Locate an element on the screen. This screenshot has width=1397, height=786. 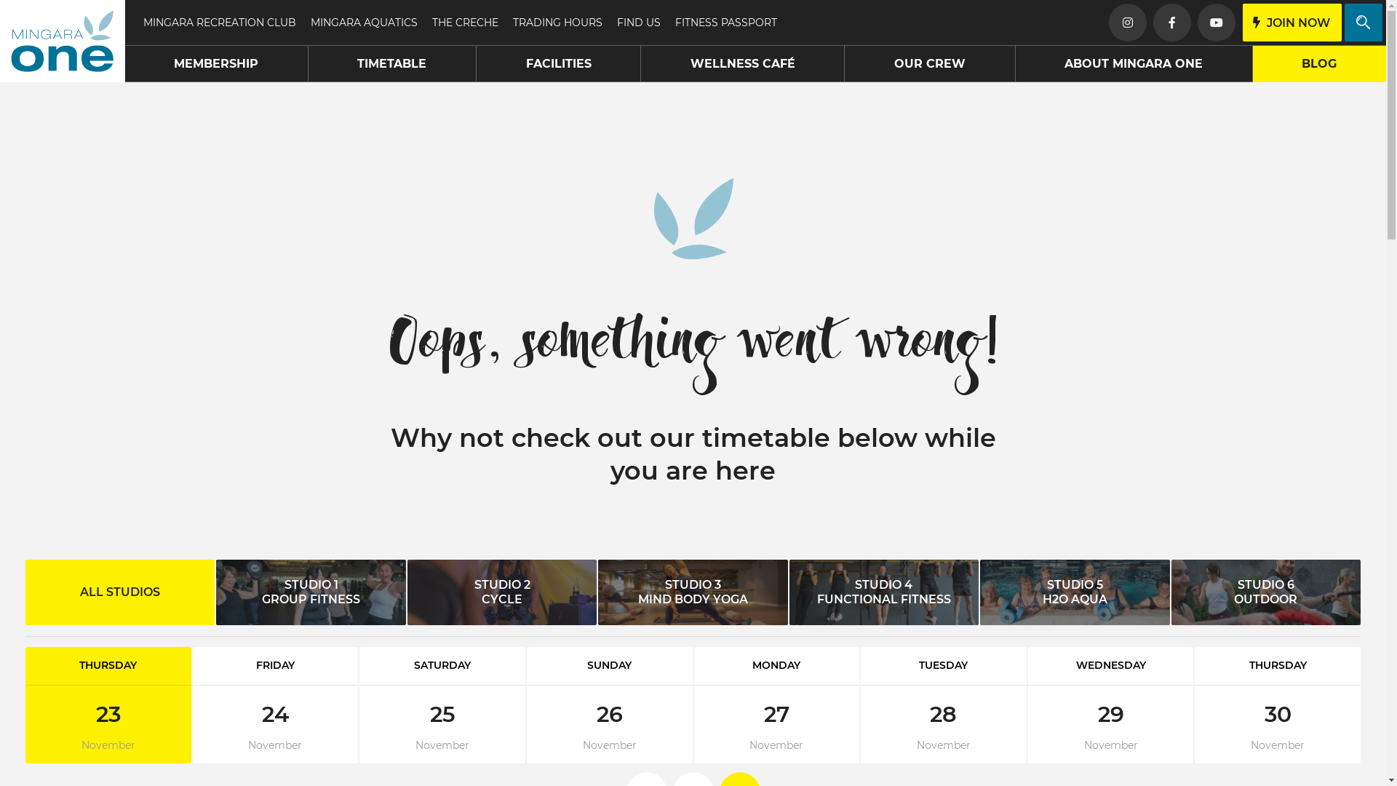
'OUR CREW' is located at coordinates (845, 63).